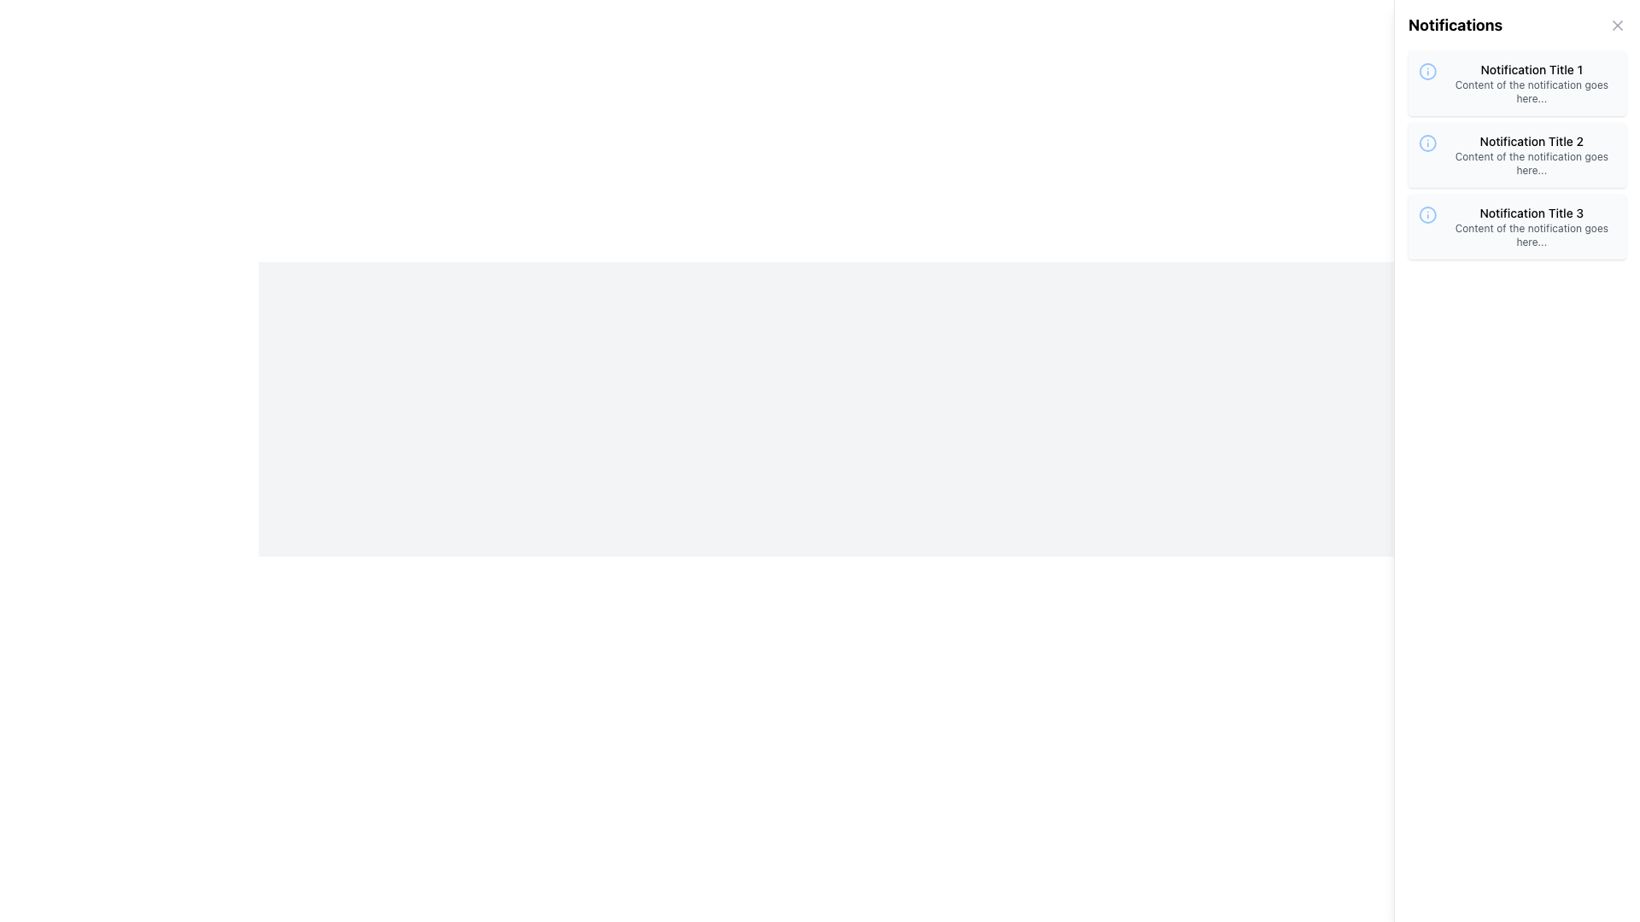 The height and width of the screenshot is (922, 1640). What do you see at coordinates (1617, 26) in the screenshot?
I see `the bottom-left to top-right diagonal line of the 'X' icon located in the top-right corner of the notification panel` at bounding box center [1617, 26].